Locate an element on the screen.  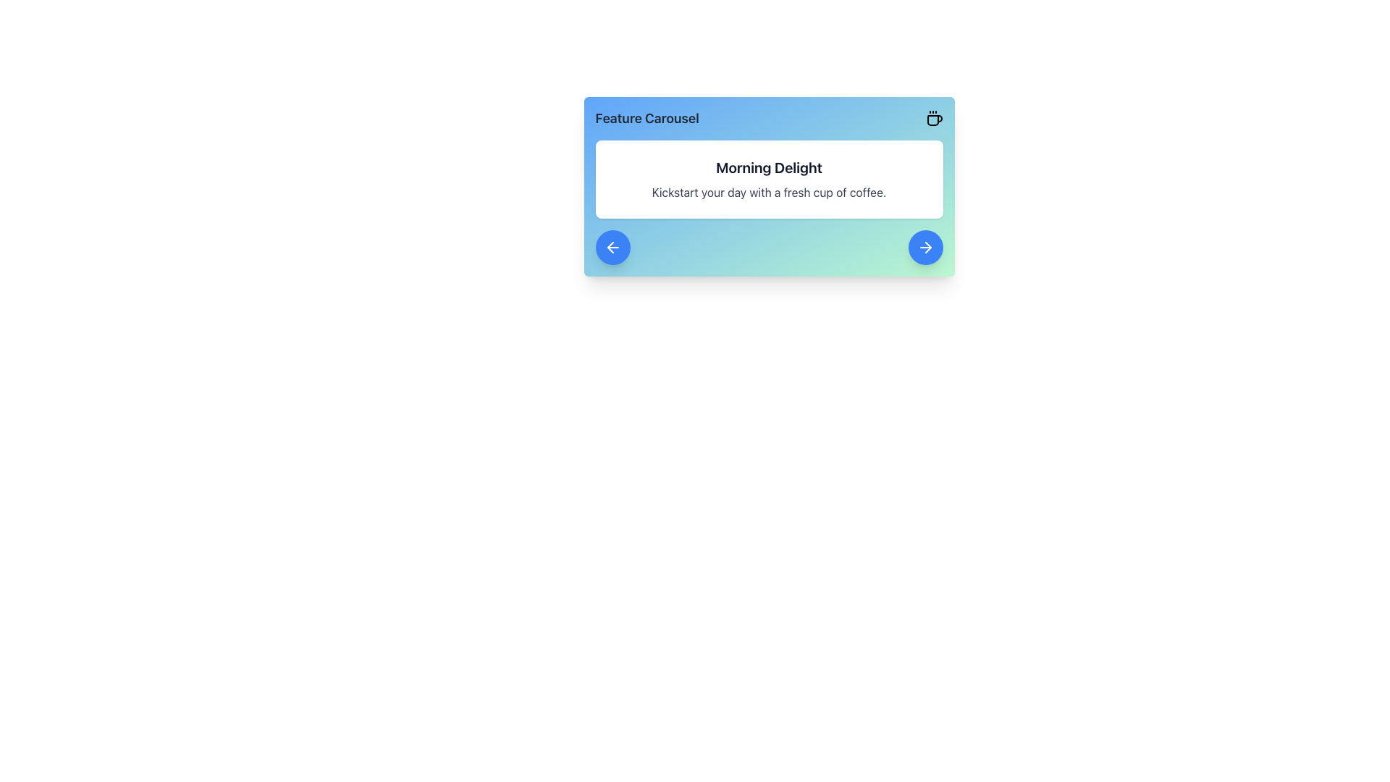
the left-facing arrow icon with a white stroke on a blue circular background is located at coordinates (612, 247).